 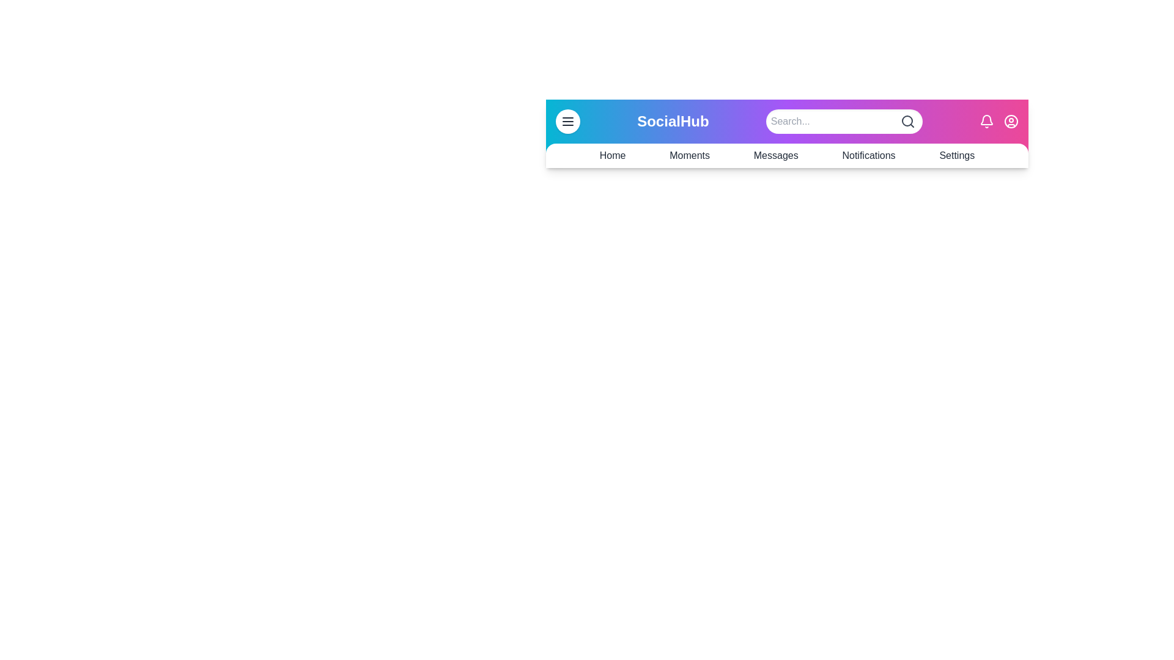 I want to click on the navigation link labeled Home, so click(x=613, y=155).